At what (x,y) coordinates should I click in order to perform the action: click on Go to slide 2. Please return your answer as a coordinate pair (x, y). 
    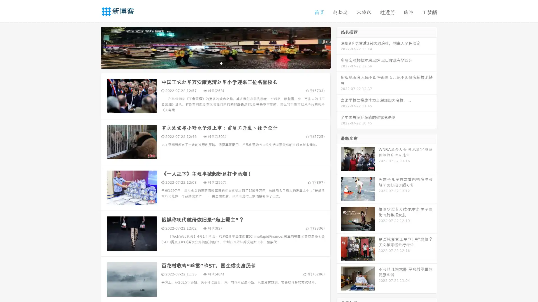
    Looking at the image, I should click on (215, 63).